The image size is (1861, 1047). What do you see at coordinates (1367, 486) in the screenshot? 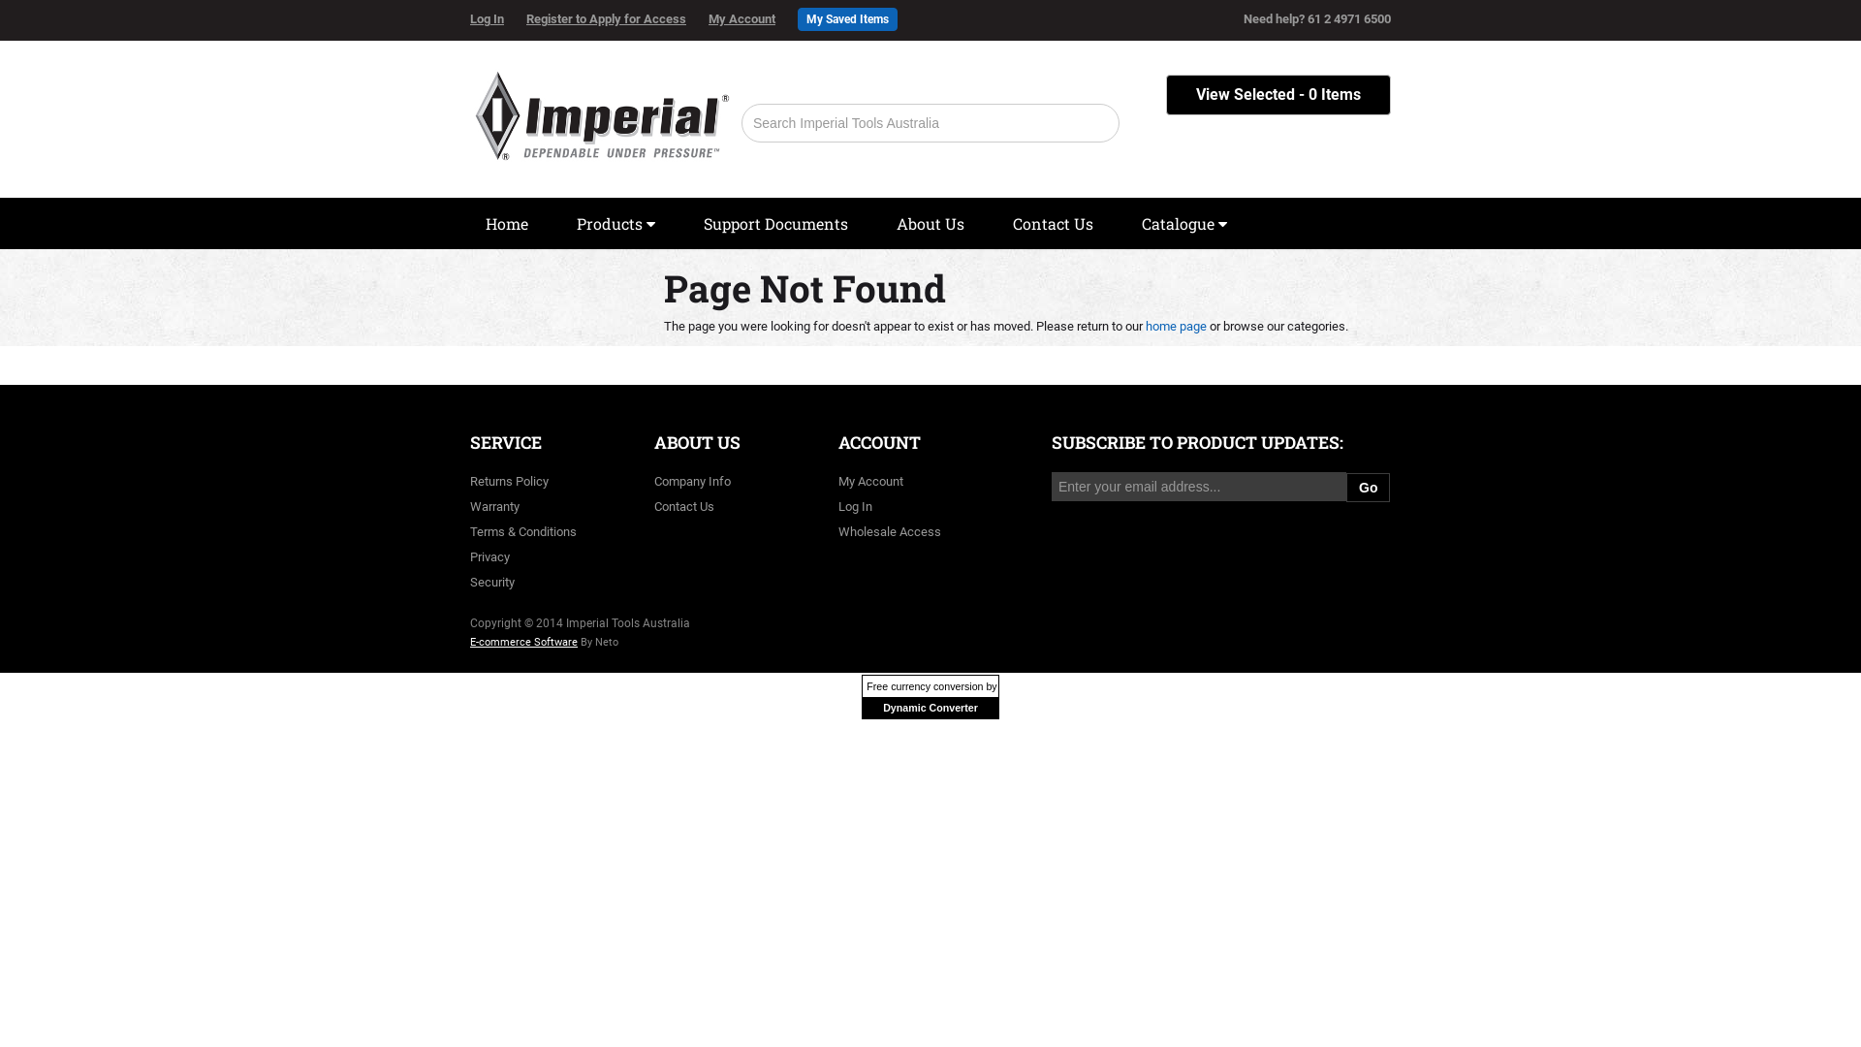
I see `'Go'` at bounding box center [1367, 486].